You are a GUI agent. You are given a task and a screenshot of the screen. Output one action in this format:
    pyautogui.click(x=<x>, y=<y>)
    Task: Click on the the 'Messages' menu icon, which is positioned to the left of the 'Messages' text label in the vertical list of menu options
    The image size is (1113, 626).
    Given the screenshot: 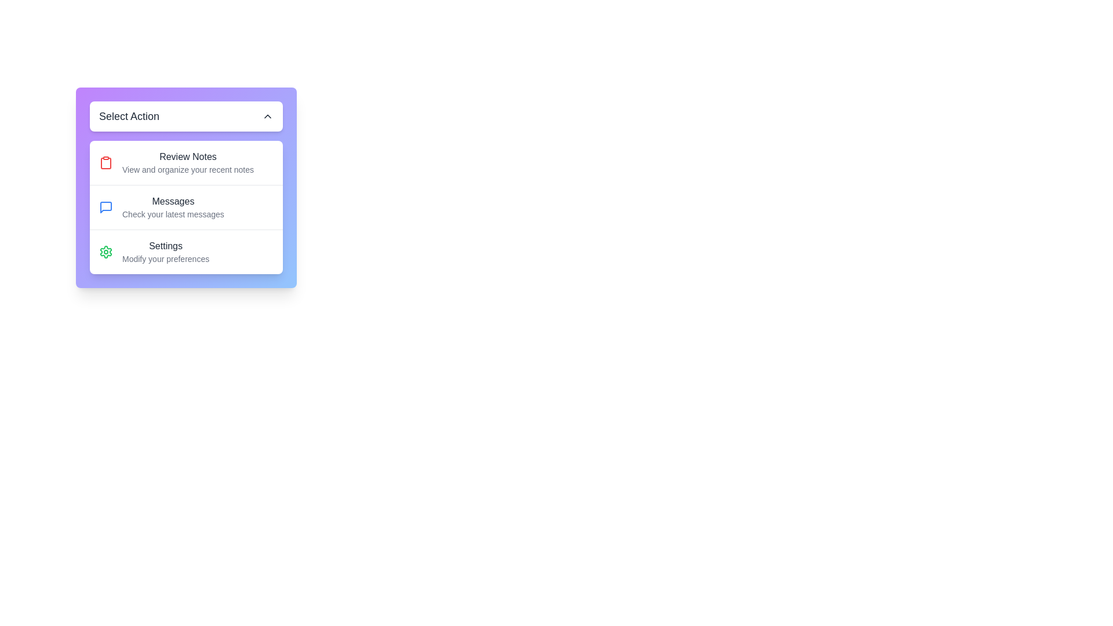 What is the action you would take?
    pyautogui.click(x=106, y=207)
    